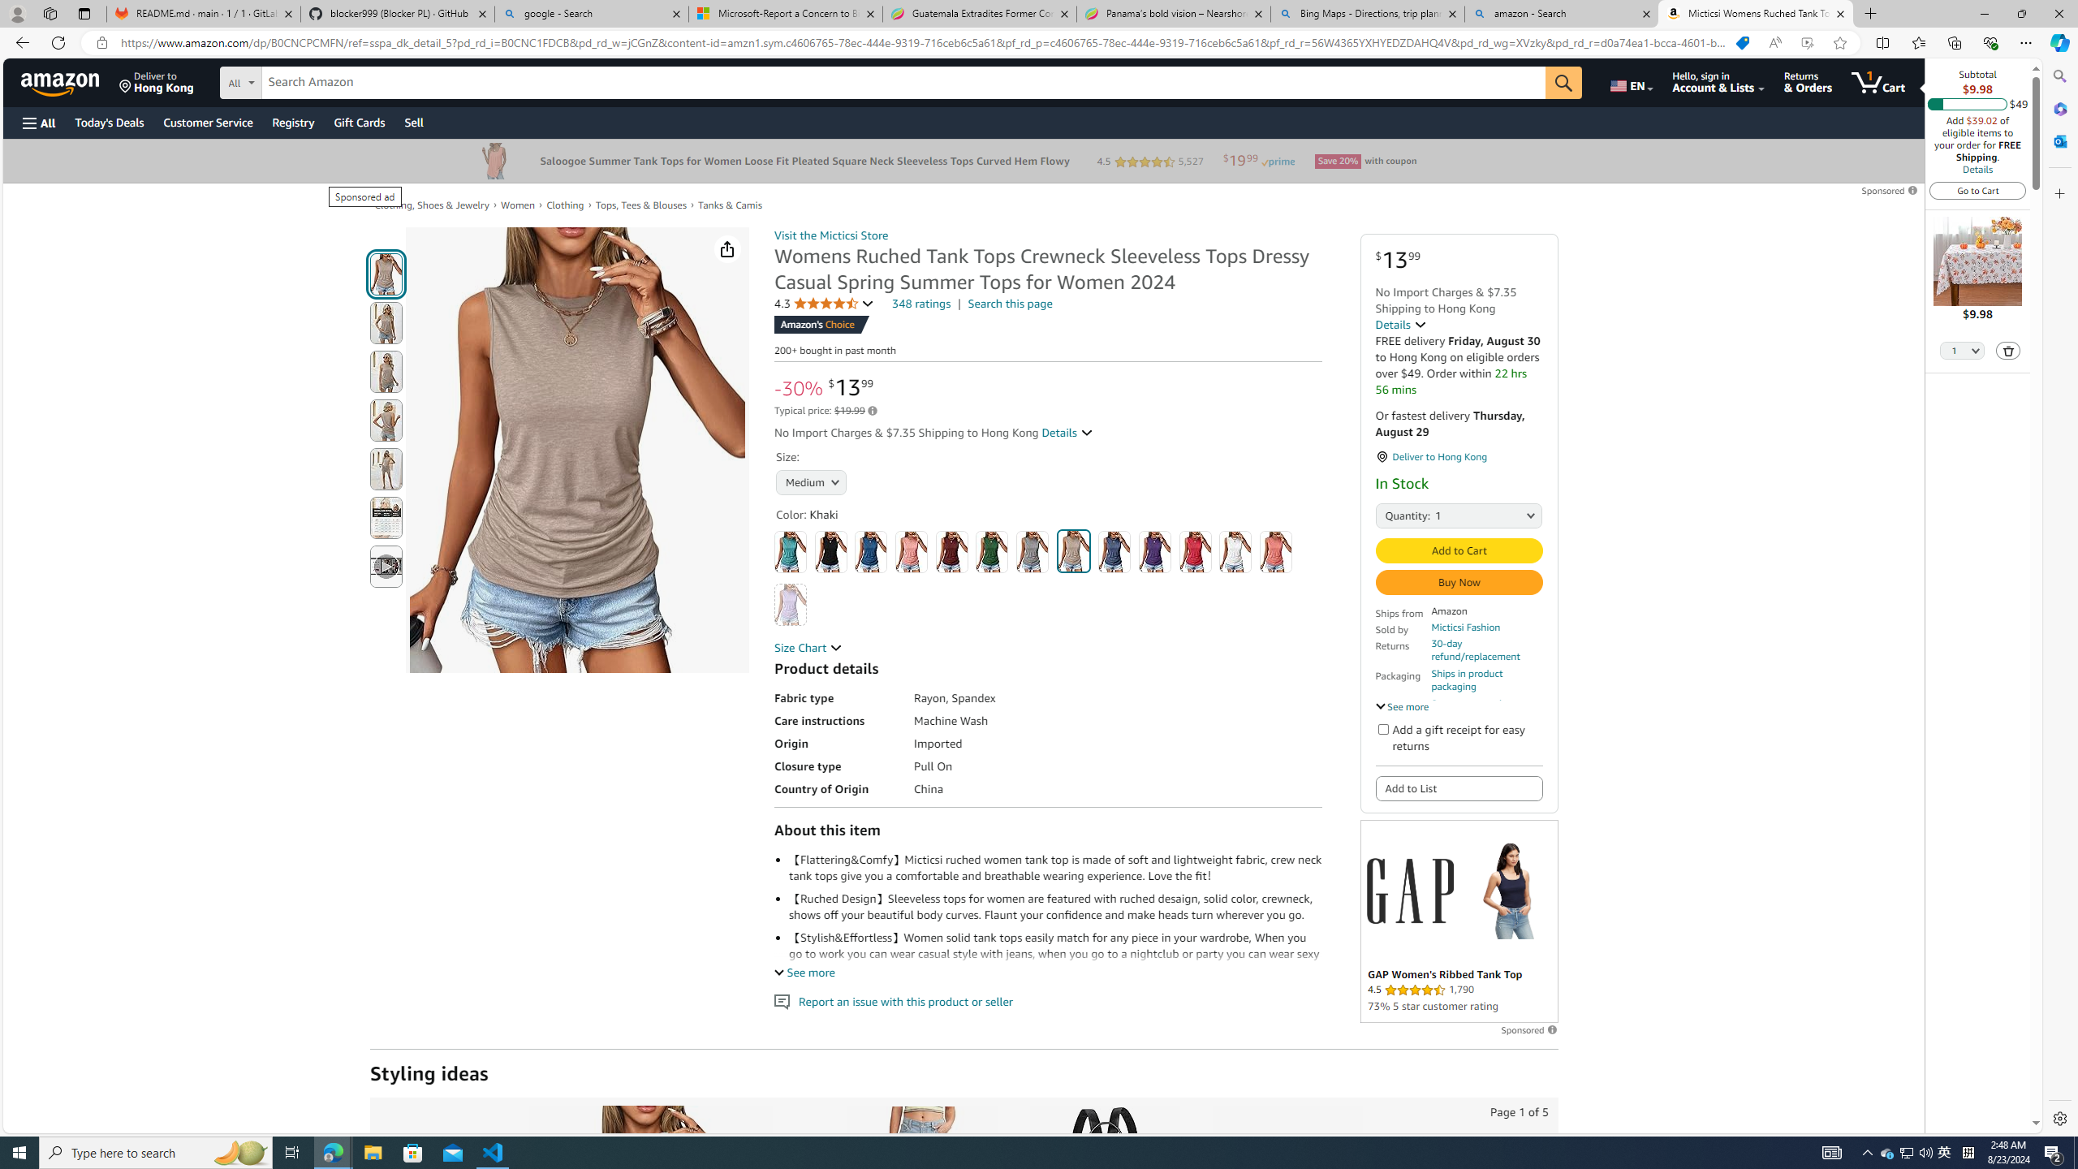  What do you see at coordinates (1277, 551) in the screenshot?
I see `'Pink'` at bounding box center [1277, 551].